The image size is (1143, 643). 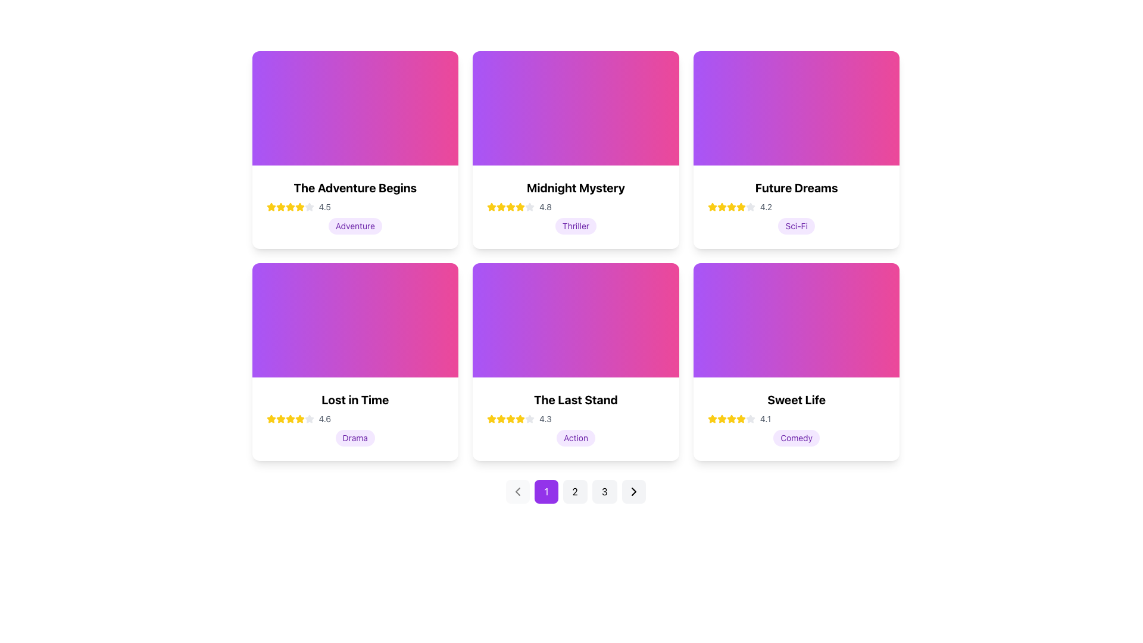 What do you see at coordinates (290, 419) in the screenshot?
I see `the fourth star icon in the rating section of the 'Lost in Time' item to indirectly modify the rating score` at bounding box center [290, 419].